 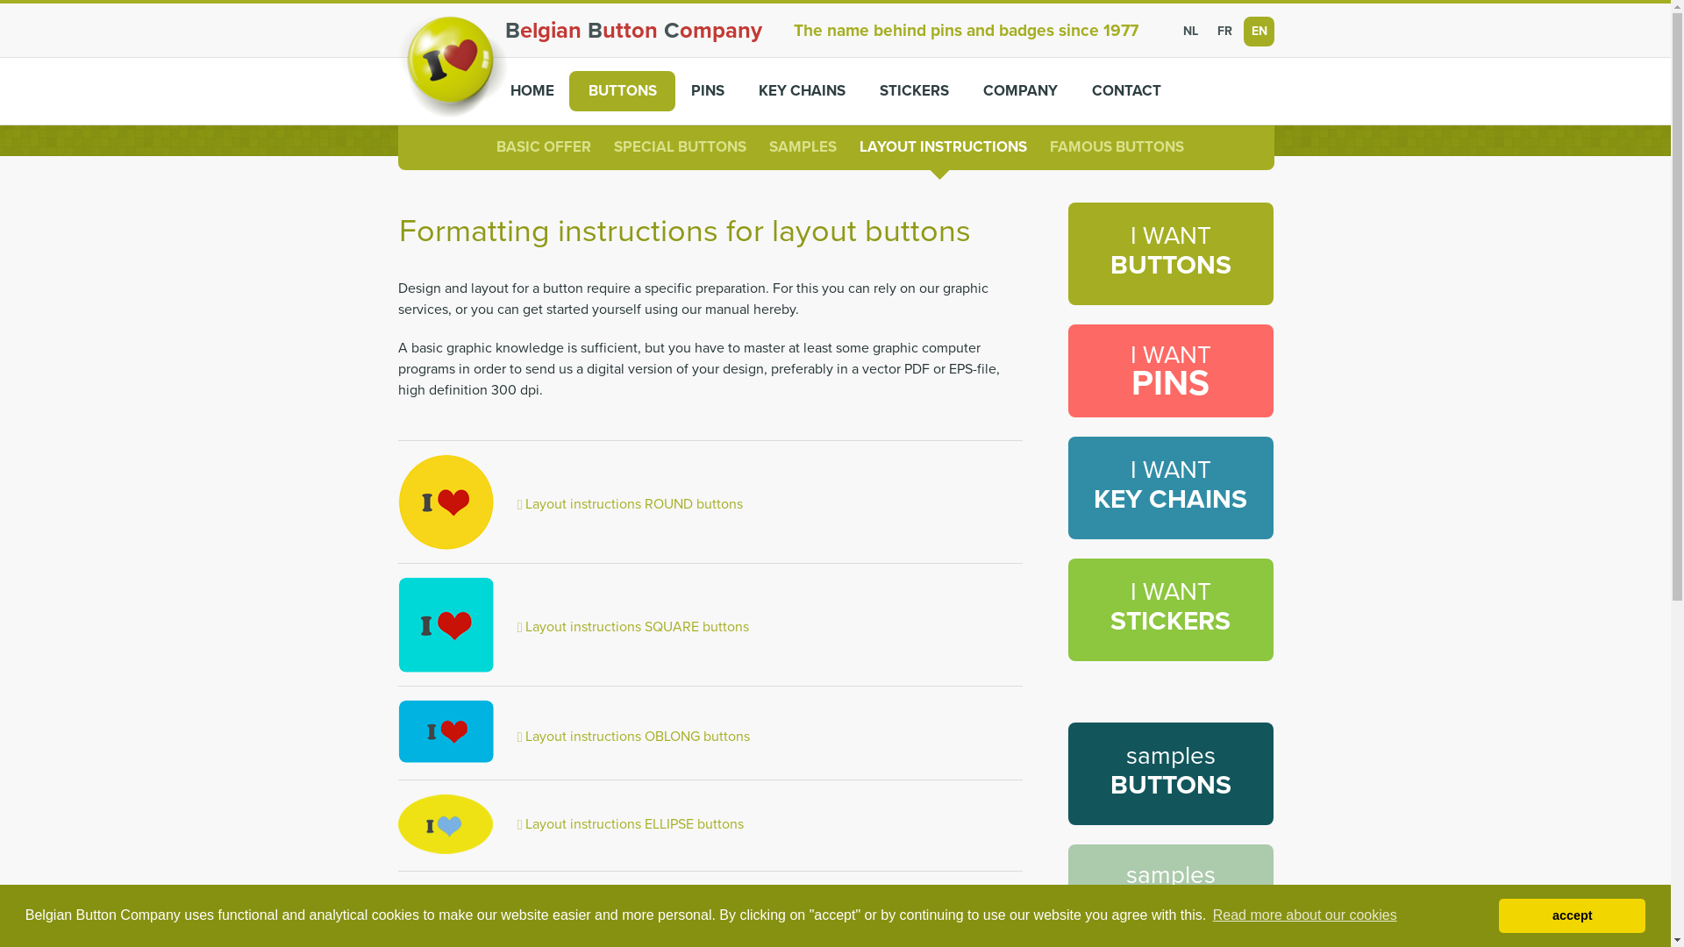 I want to click on 'KEY CHAINS', so click(x=799, y=91).